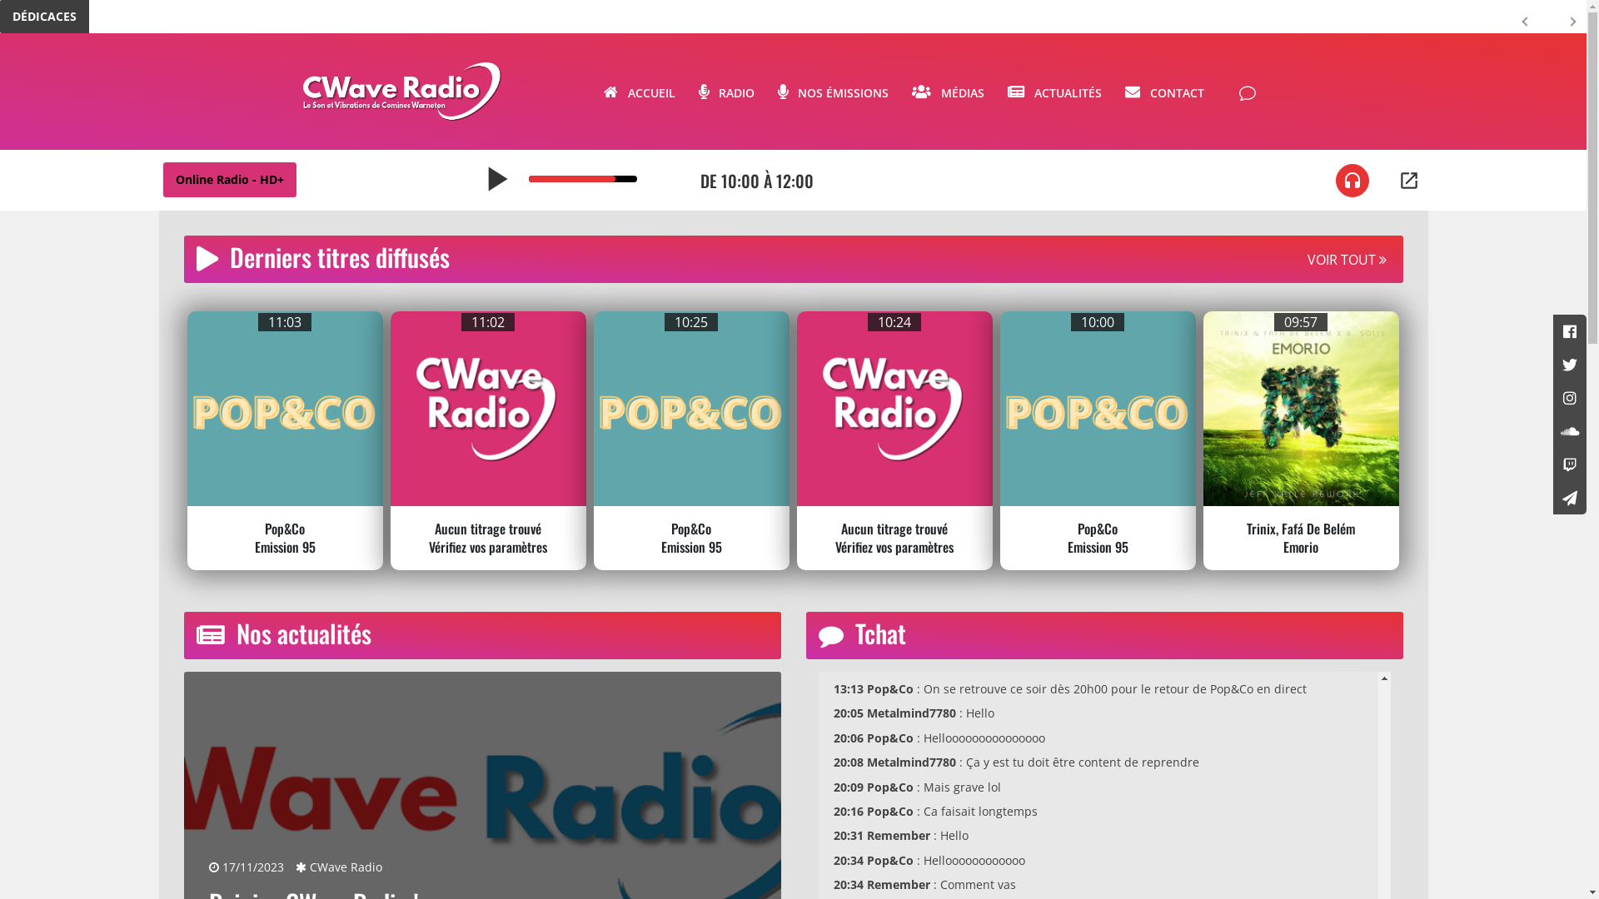 The height and width of the screenshot is (899, 1599). I want to click on '  ACCUEIL', so click(638, 91).